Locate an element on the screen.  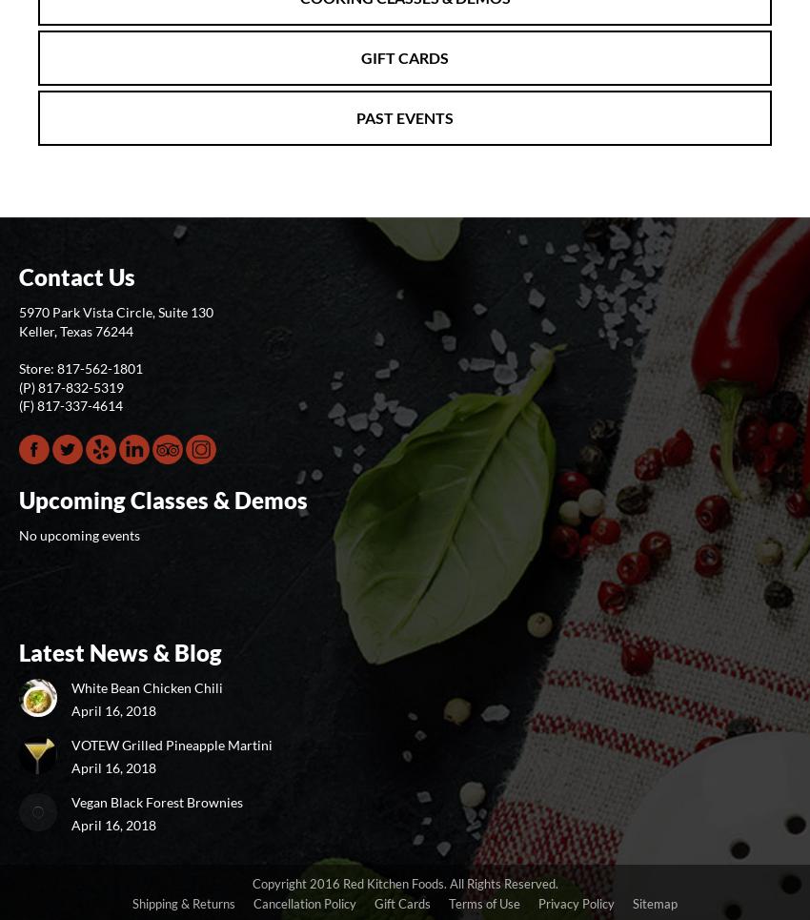
'Keller, Texas 76244' is located at coordinates (75, 330).